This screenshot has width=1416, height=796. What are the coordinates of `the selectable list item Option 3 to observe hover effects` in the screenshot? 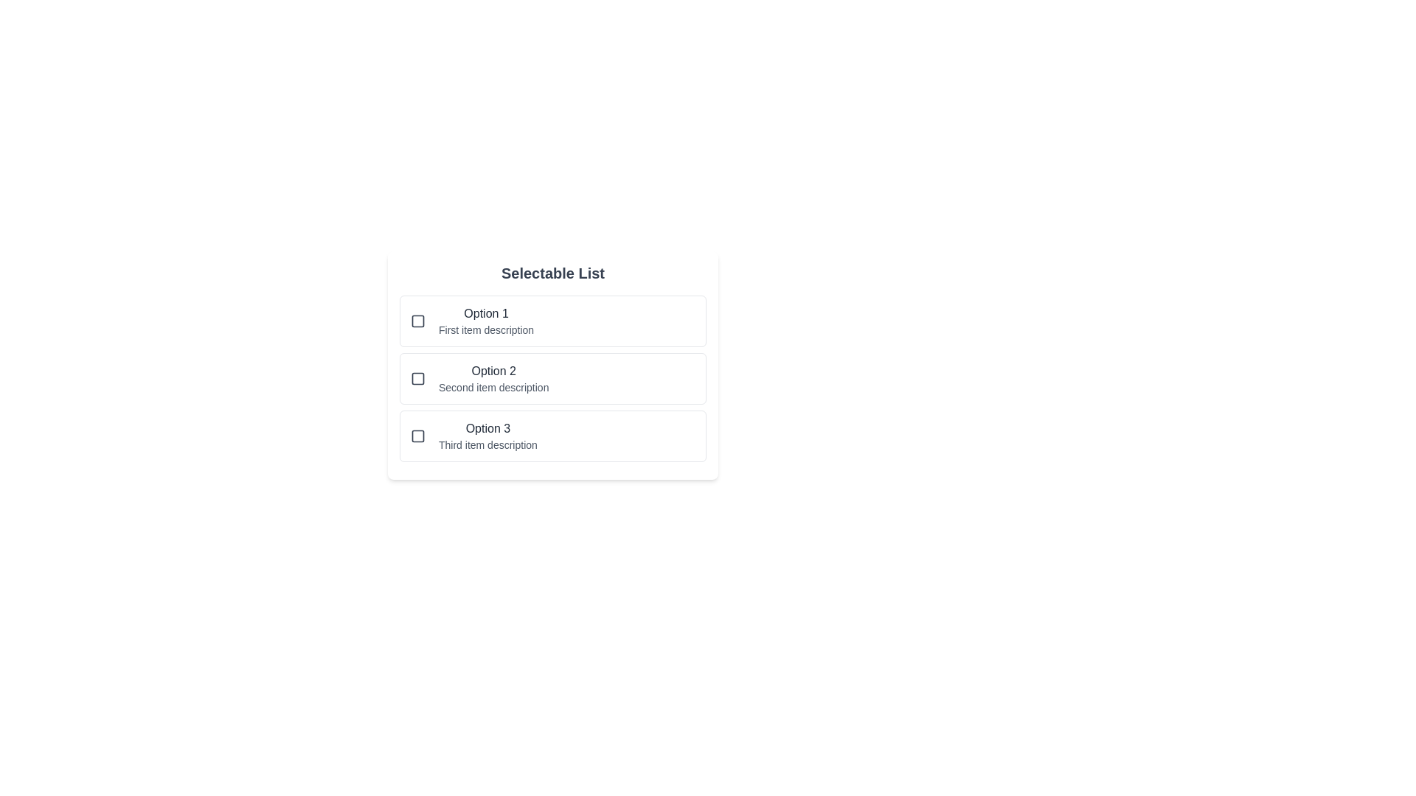 It's located at (552, 435).